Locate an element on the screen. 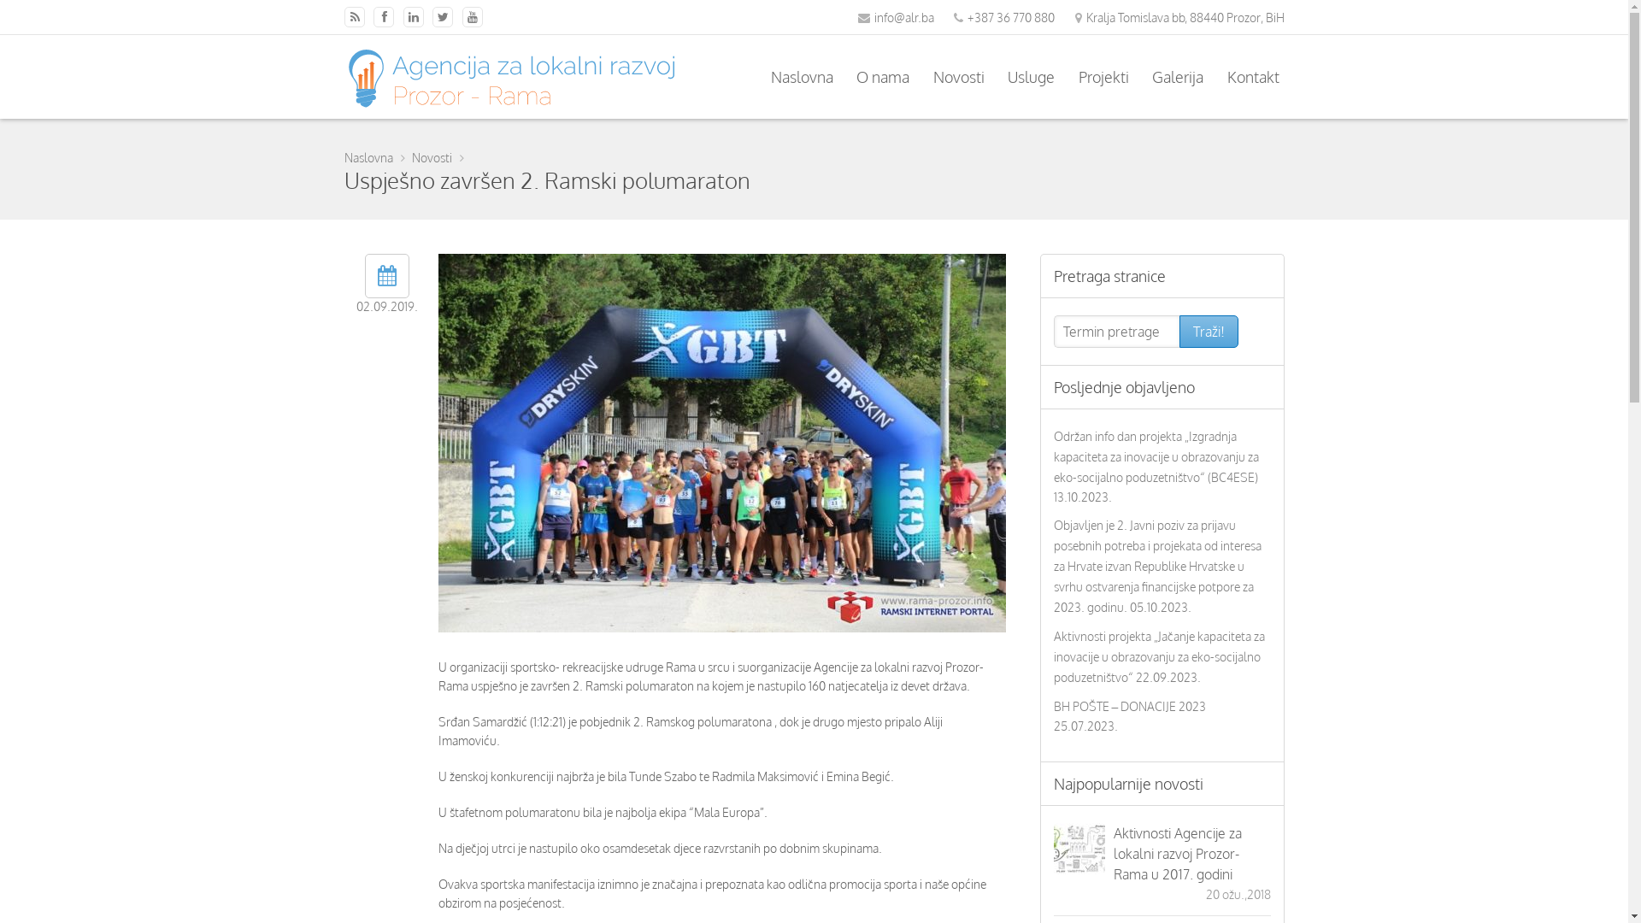  'Novosti' is located at coordinates (926, 75).